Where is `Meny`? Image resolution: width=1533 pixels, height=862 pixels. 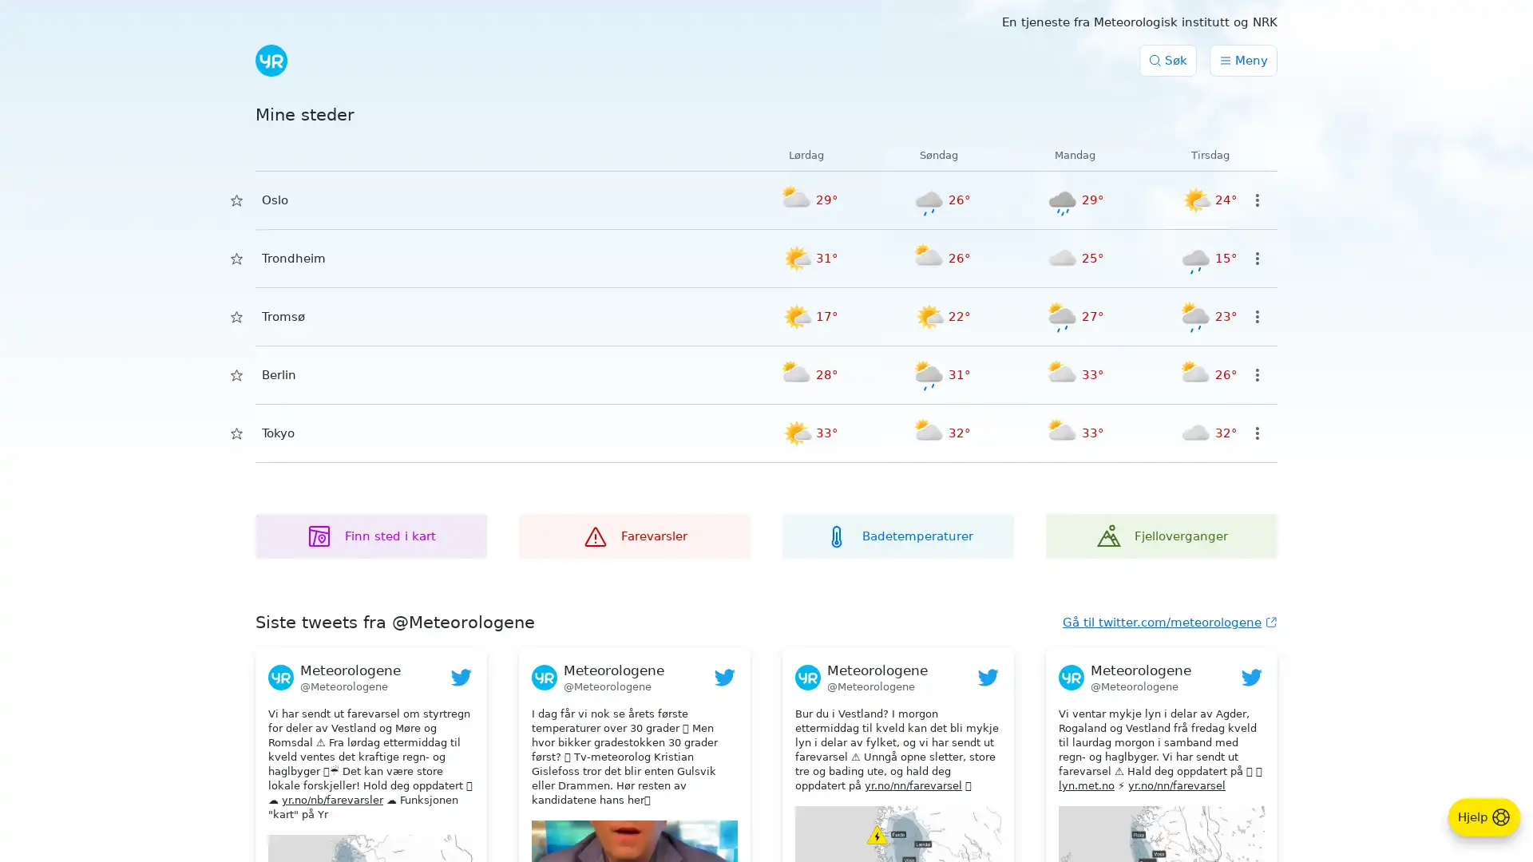
Meny is located at coordinates (1242, 60).